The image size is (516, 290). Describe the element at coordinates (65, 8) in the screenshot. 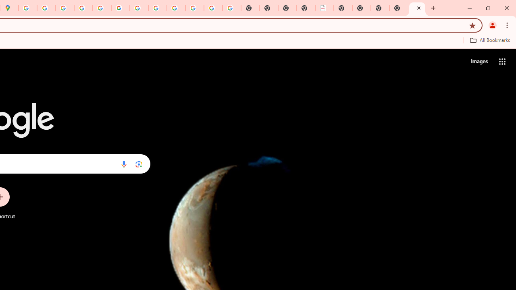

I see `'Privacy Help Center - Policies Help'` at that location.